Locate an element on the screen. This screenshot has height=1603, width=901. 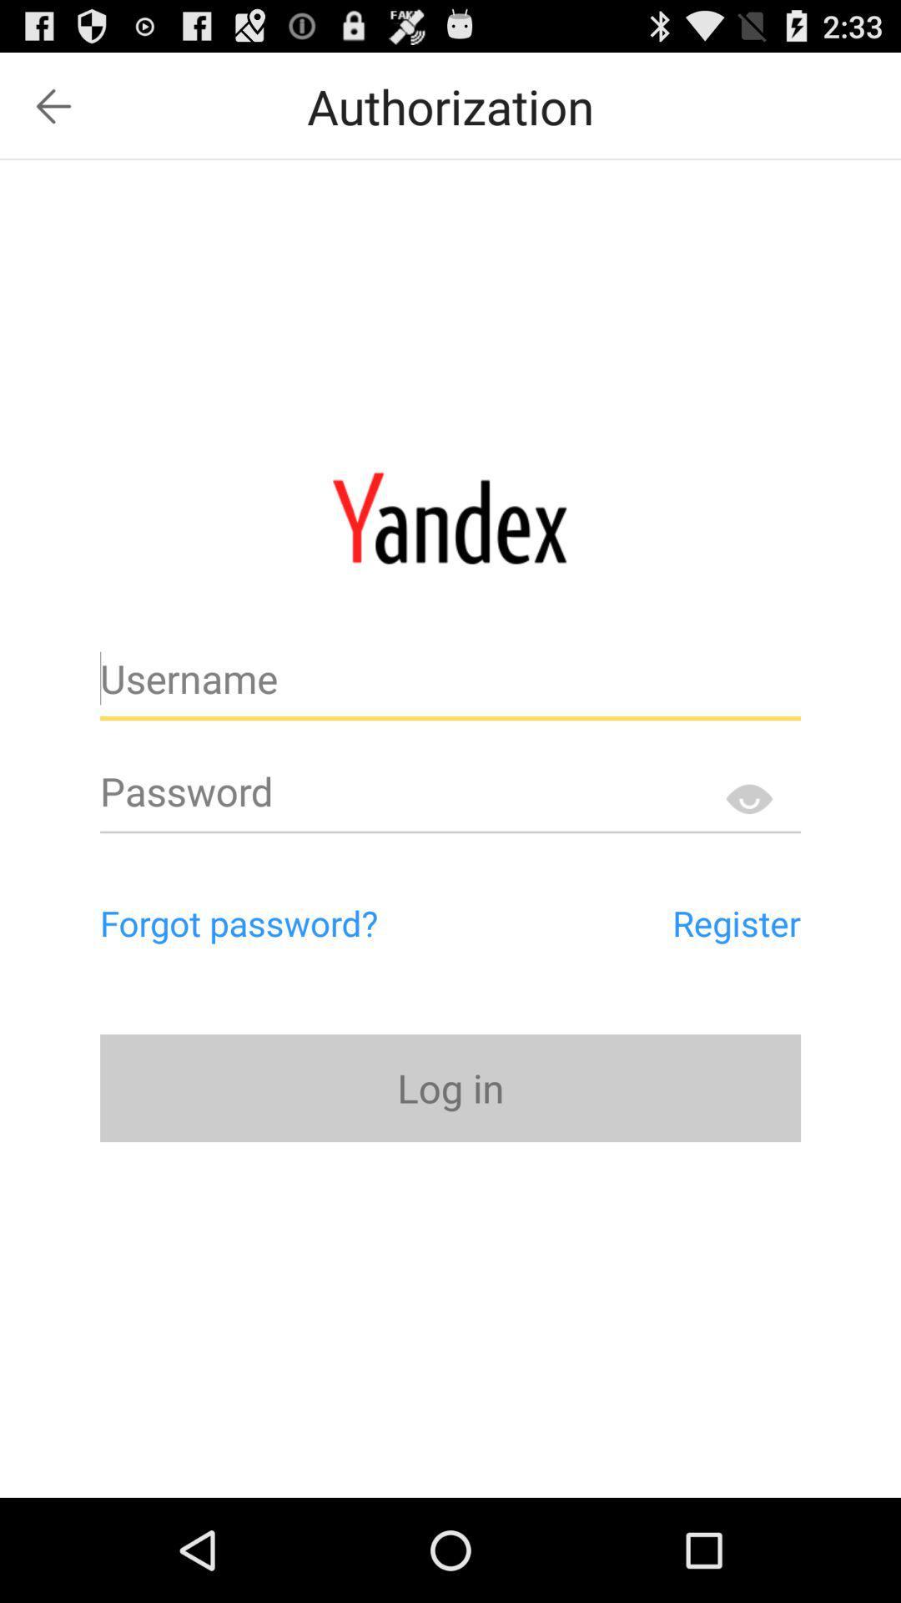
item to the left of the register icon is located at coordinates (310, 922).